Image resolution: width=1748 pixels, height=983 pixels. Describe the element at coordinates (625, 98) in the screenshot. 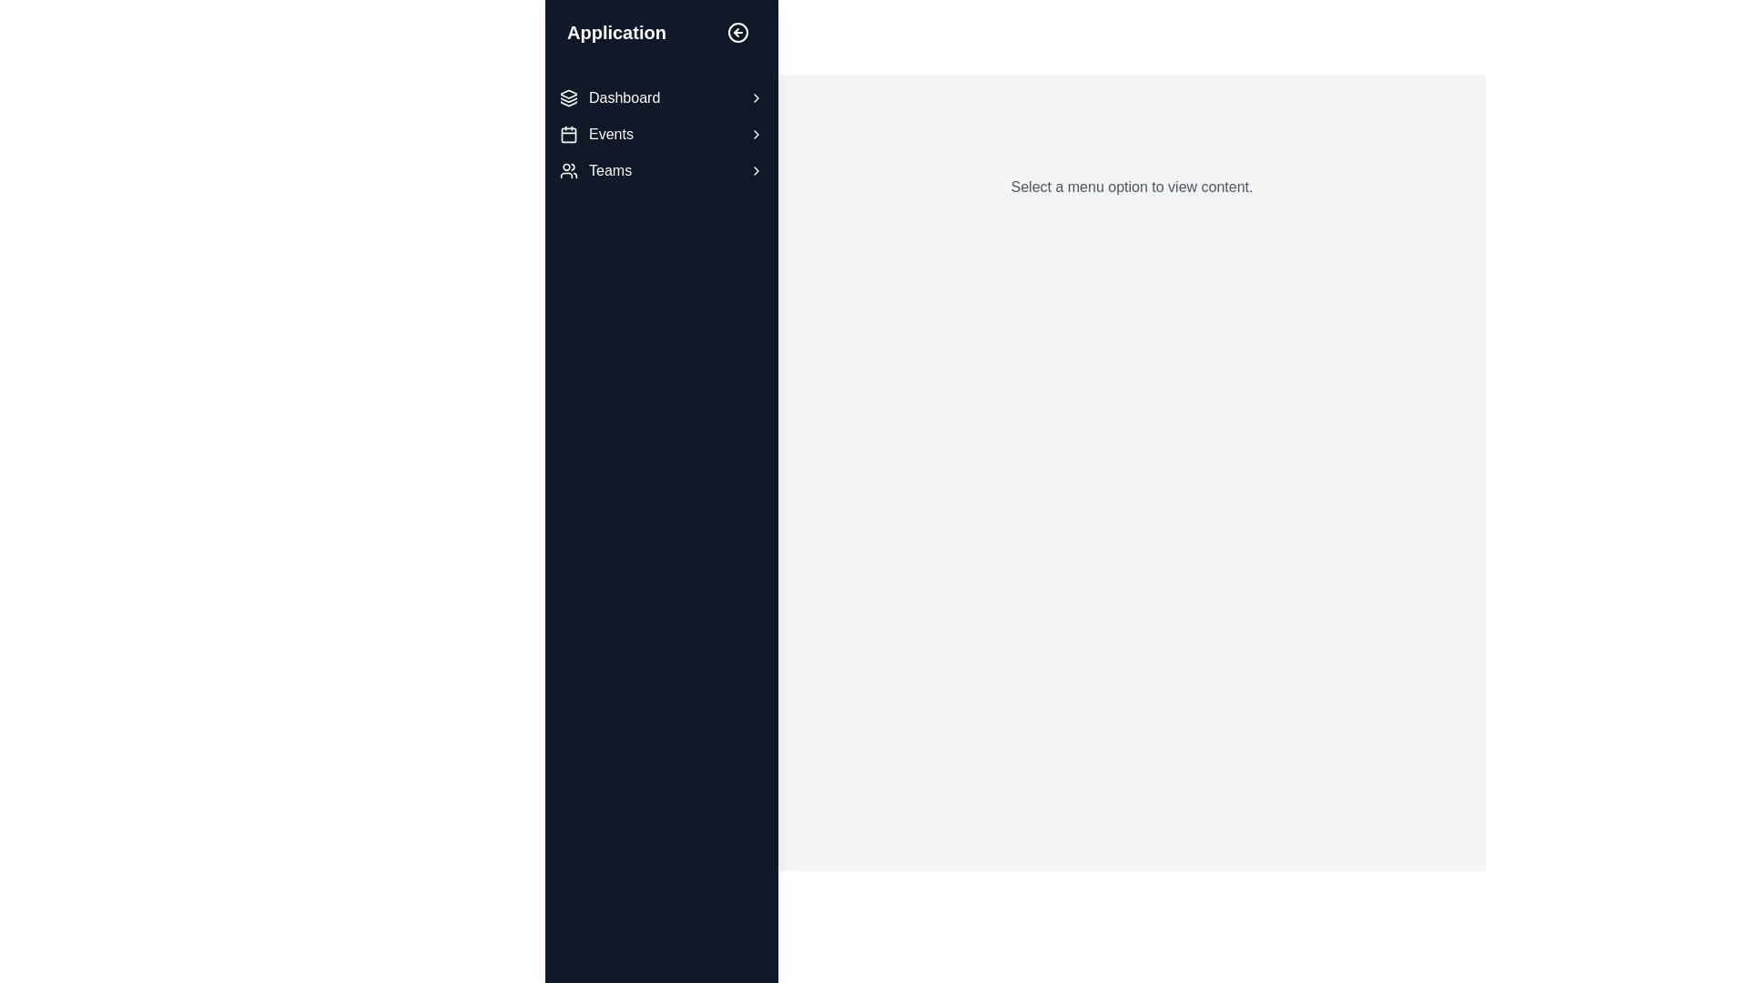

I see `the 'Dashboard' text label in the vertical navigation menu on the left sidebar` at that location.